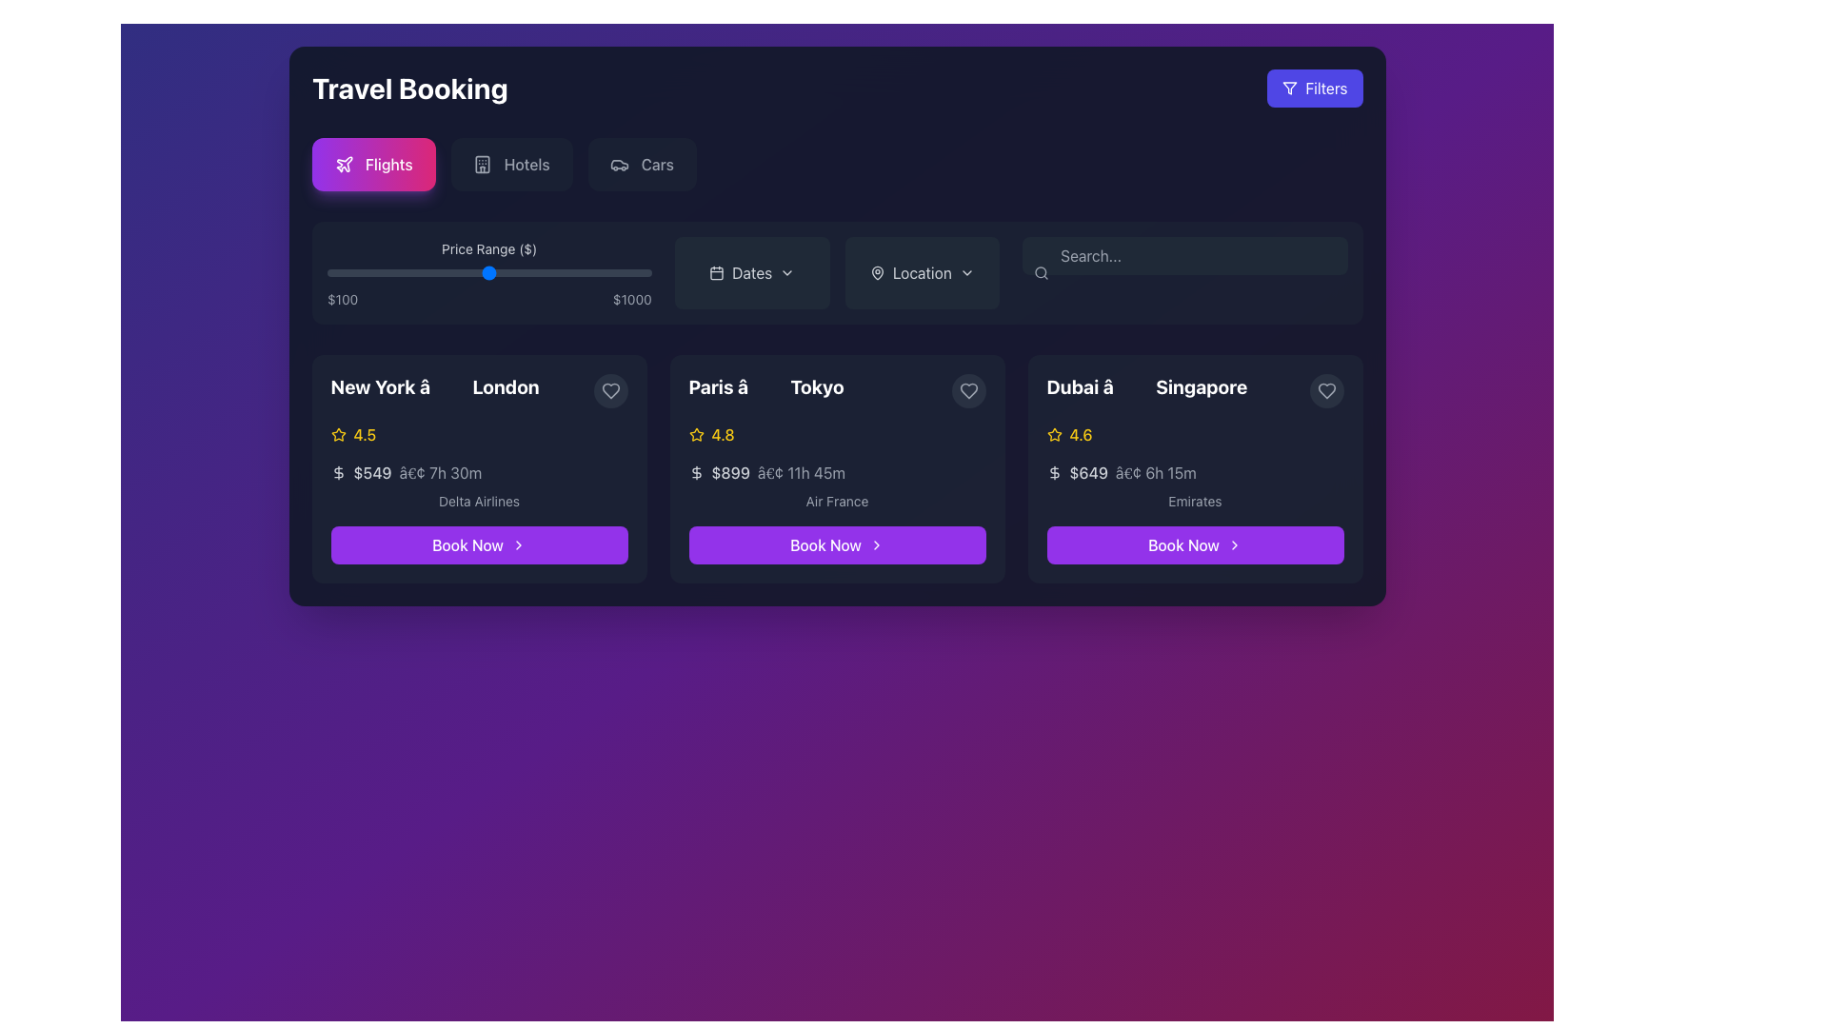 The image size is (1828, 1028). Describe the element at coordinates (1325, 390) in the screenshot. I see `the heart-shaped icon in the top-right corner of the flight details card for Dubai to Singapore` at that location.